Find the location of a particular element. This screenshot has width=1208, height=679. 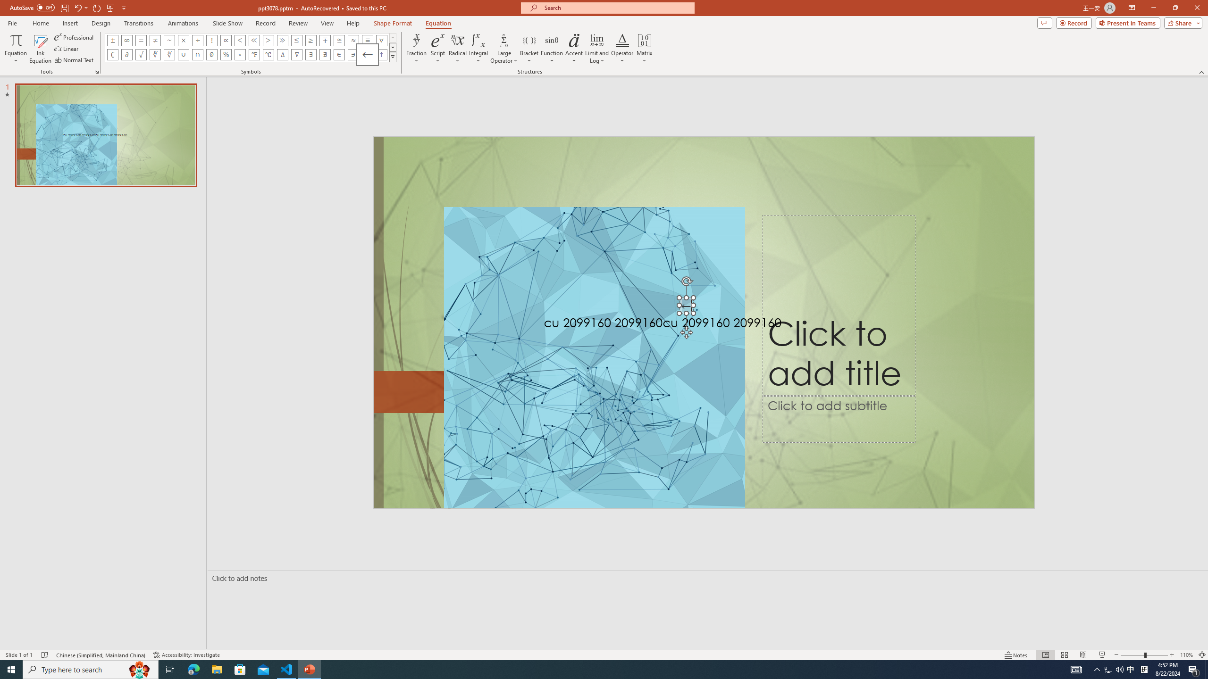

'Function' is located at coordinates (552, 49).